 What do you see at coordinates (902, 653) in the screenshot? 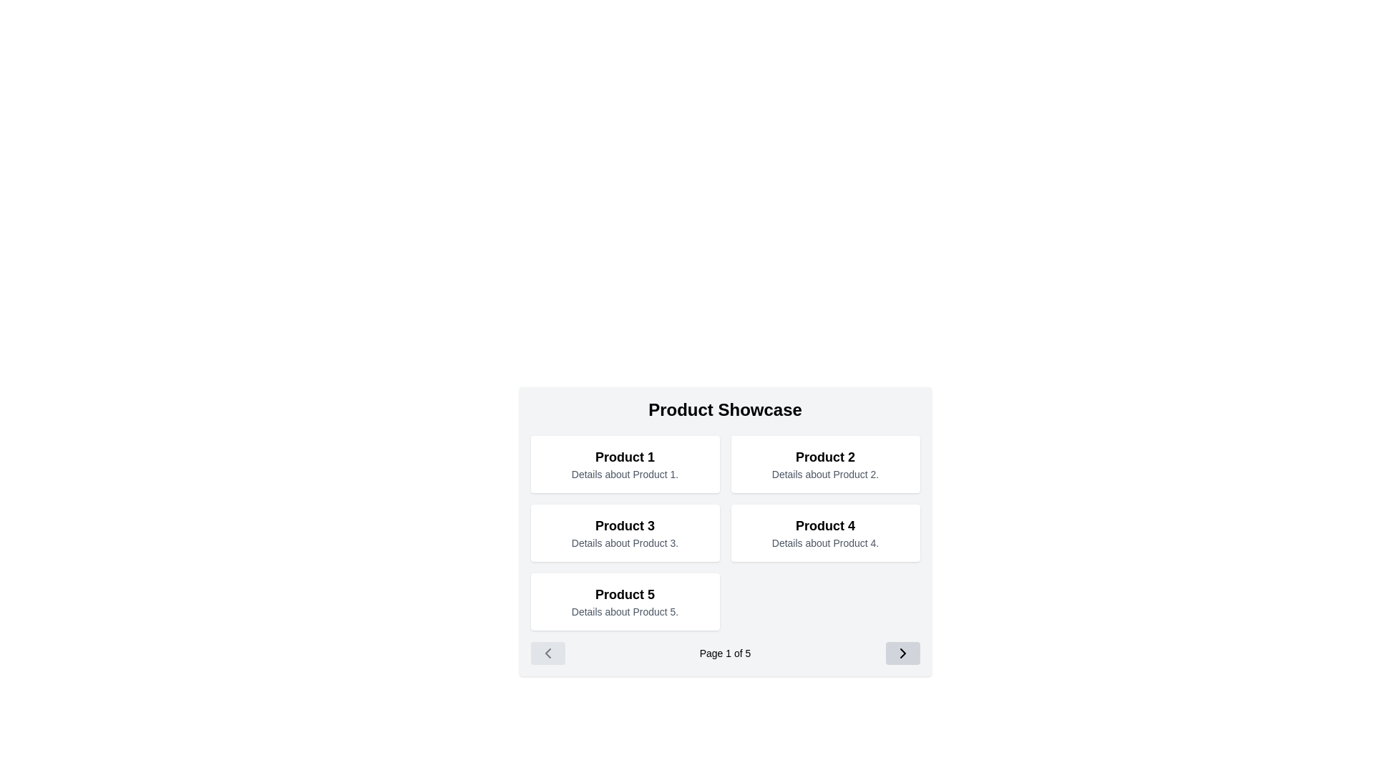
I see `the light gray rectangular button with a rounded background and a rightward-facing chevron icon (">") at the bottom-right of the pagination controls` at bounding box center [902, 653].